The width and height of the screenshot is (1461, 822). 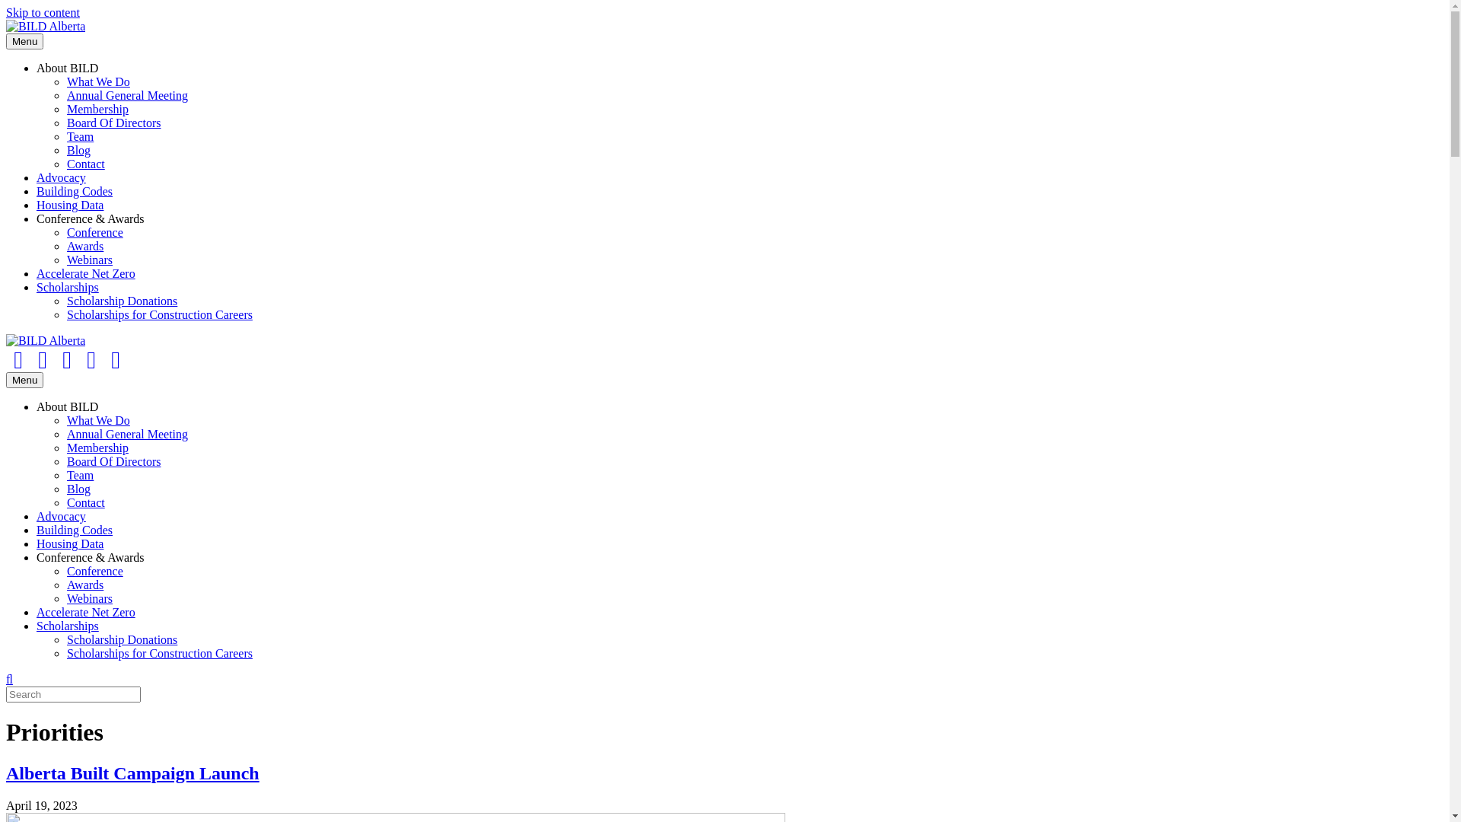 I want to click on 'Membership', so click(x=65, y=108).